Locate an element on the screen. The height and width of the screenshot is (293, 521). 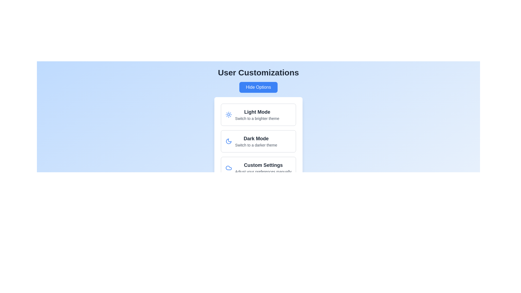
the option Custom Settings to see its hover effect is located at coordinates (258, 167).